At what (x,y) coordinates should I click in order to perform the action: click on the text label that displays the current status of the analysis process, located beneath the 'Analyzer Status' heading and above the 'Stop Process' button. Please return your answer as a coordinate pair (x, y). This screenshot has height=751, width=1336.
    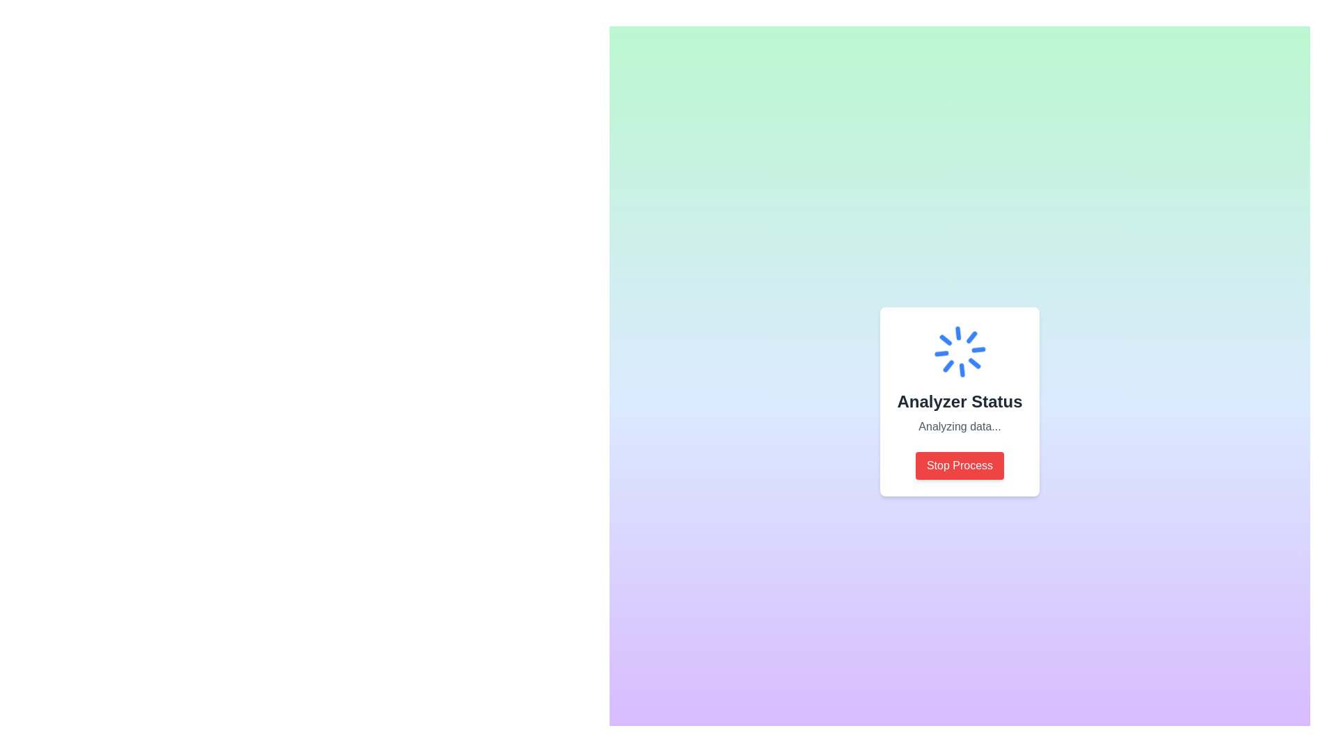
    Looking at the image, I should click on (959, 426).